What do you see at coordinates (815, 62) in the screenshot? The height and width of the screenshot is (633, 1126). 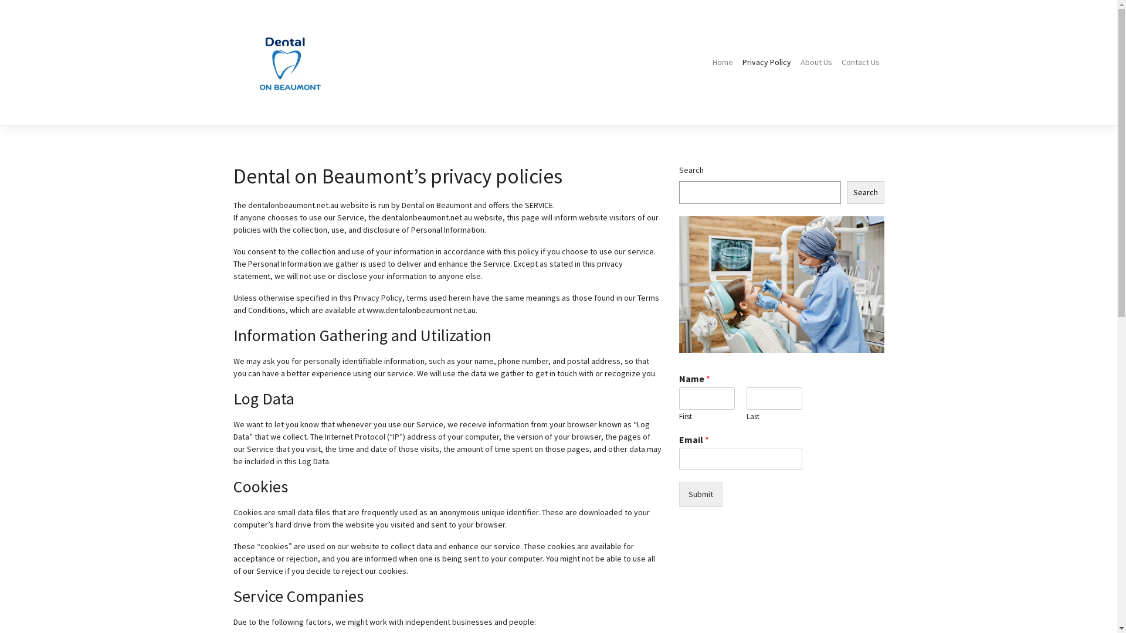 I see `'About Us'` at bounding box center [815, 62].